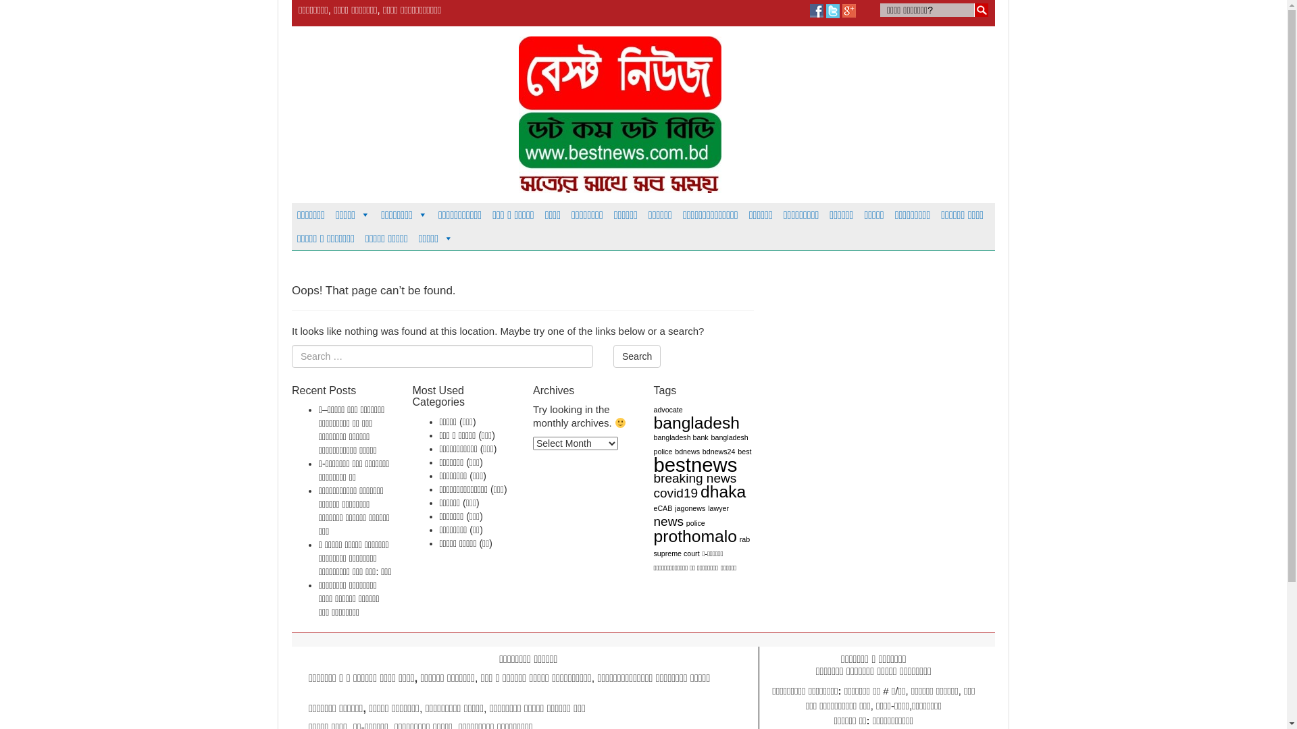 This screenshot has width=1297, height=729. Describe the element at coordinates (697, 422) in the screenshot. I see `'bangladesh'` at that location.